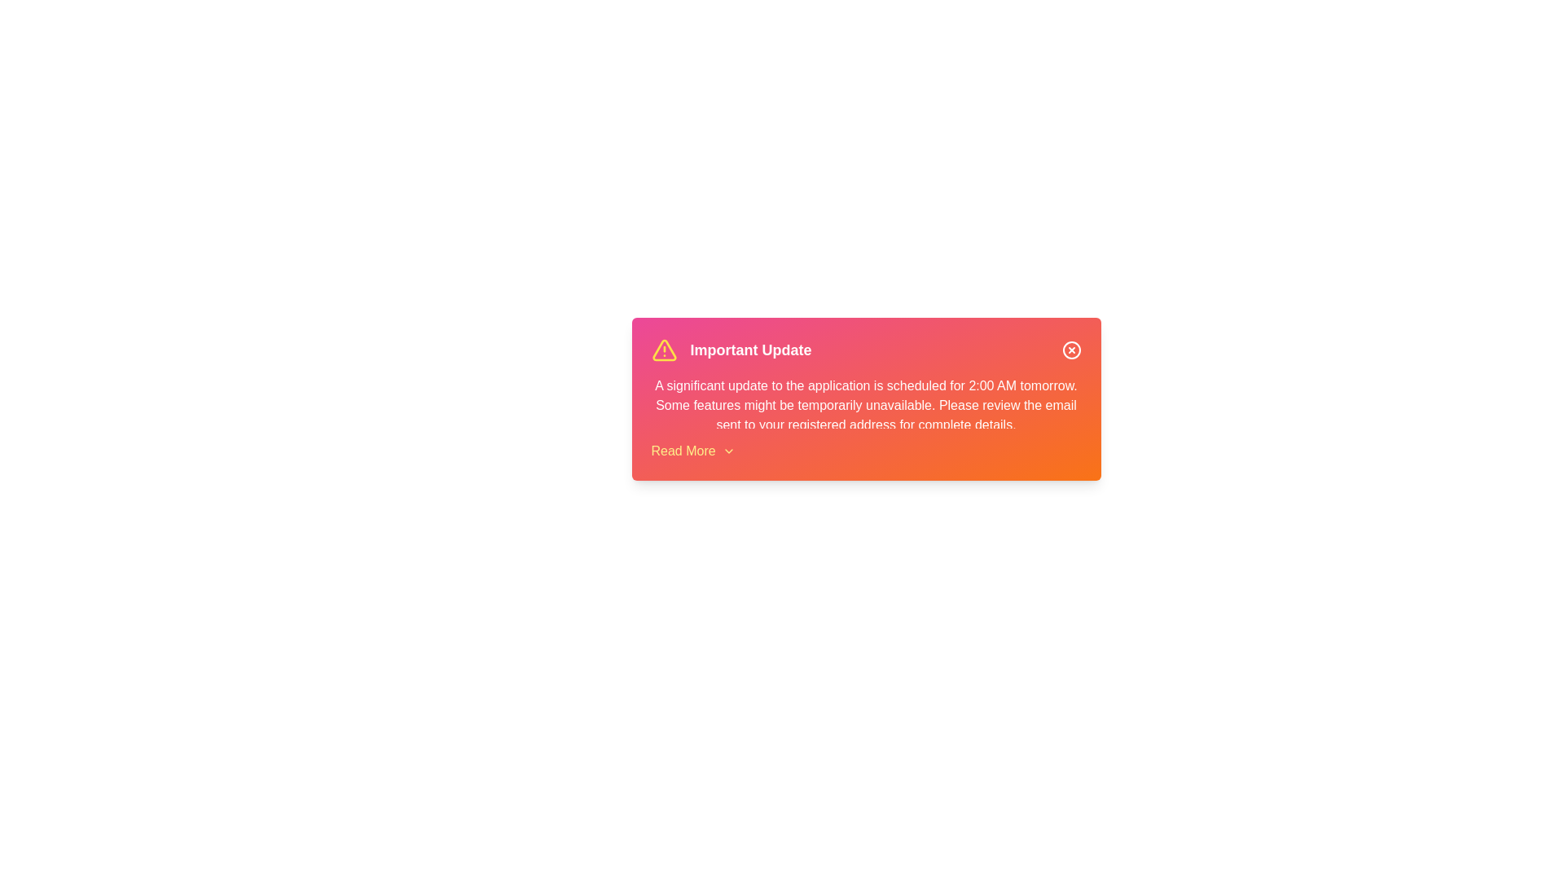 This screenshot has width=1564, height=880. I want to click on the close button to dismiss the alert, so click(1071, 349).